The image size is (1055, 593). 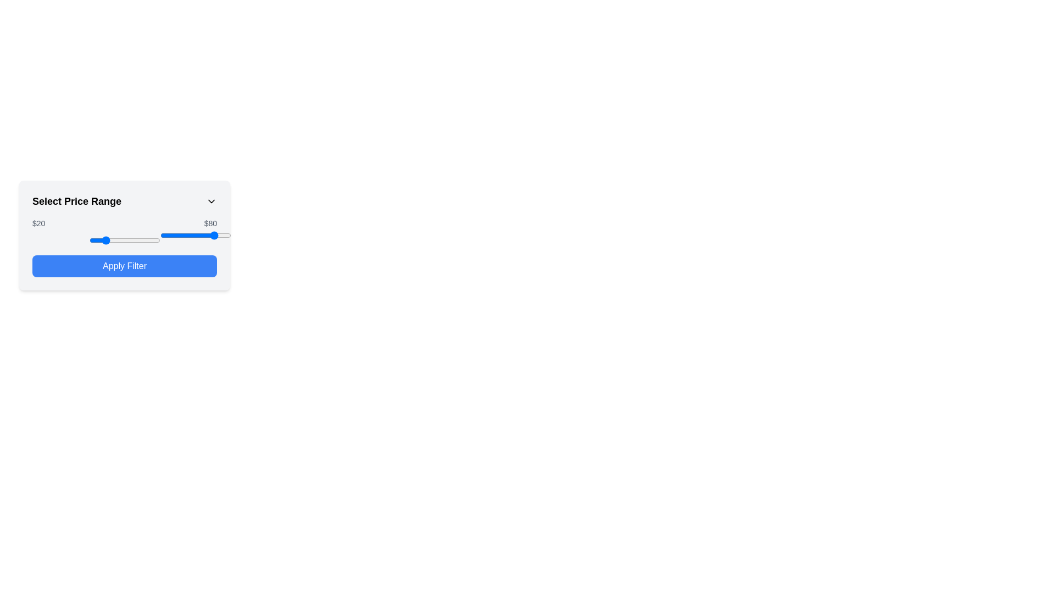 What do you see at coordinates (157, 240) in the screenshot?
I see `the slider value` at bounding box center [157, 240].